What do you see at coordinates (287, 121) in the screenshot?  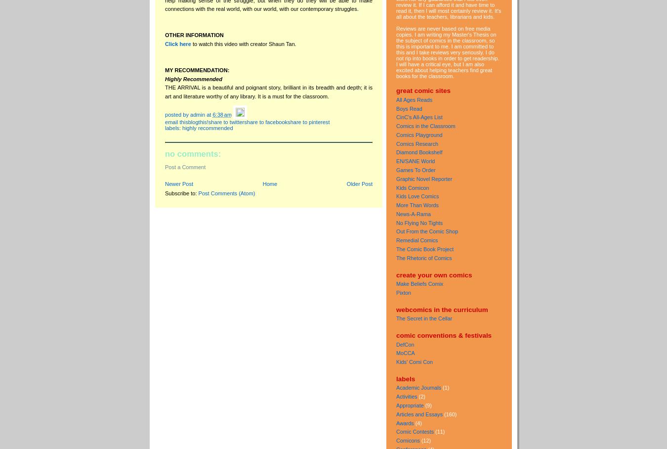 I see `'Share to Pinterest'` at bounding box center [287, 121].